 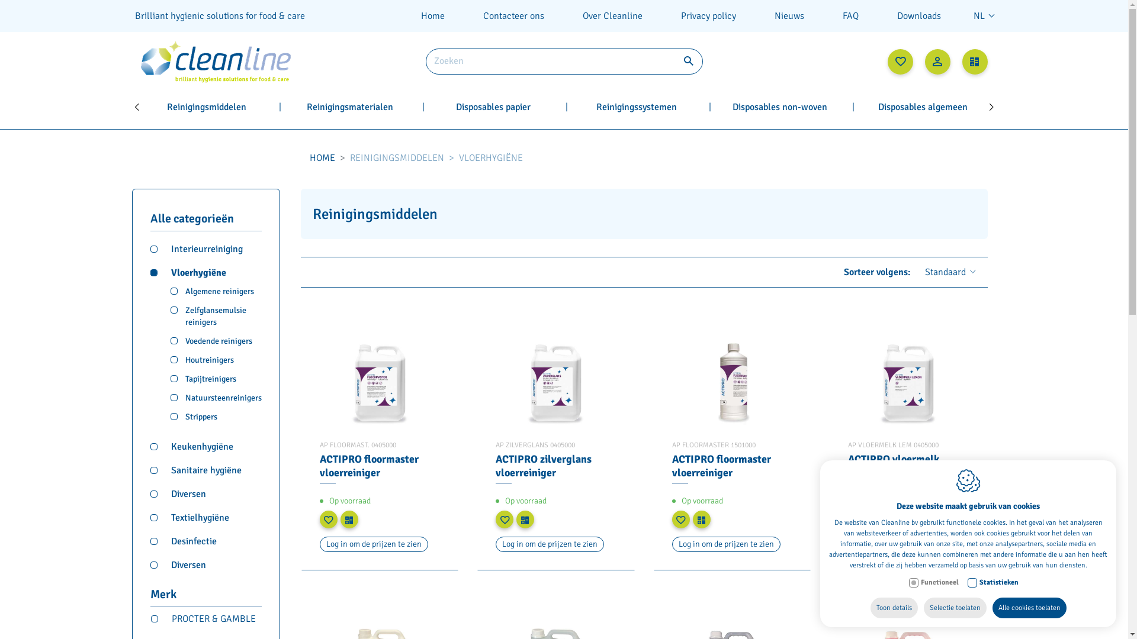 What do you see at coordinates (983, 16) in the screenshot?
I see `'NL'` at bounding box center [983, 16].